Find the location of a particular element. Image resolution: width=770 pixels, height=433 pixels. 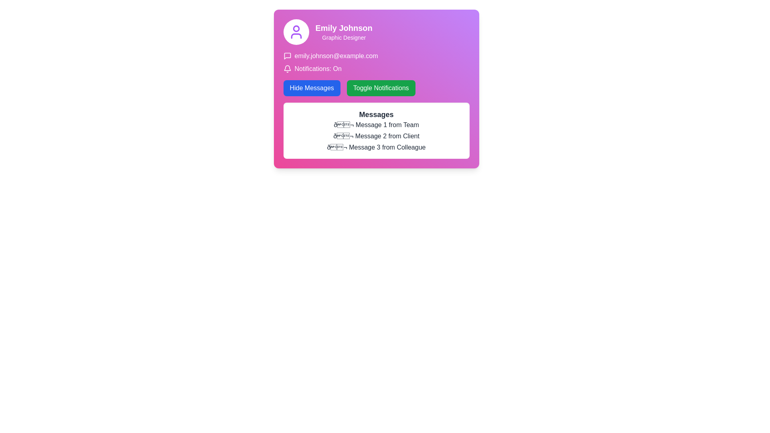

the user icon, which is a purple pictogram styled as a user figure located in the top-left corner of the profile card is located at coordinates (296, 32).